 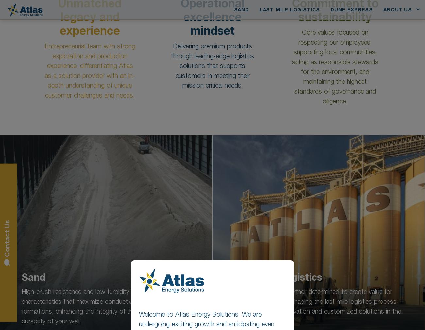 I want to click on 'With plant locations at the Kermit Dune and Monahans Dune, Atlas provides a significant advantage of proximity to more wells than anyone else.', so click(x=209, y=178).